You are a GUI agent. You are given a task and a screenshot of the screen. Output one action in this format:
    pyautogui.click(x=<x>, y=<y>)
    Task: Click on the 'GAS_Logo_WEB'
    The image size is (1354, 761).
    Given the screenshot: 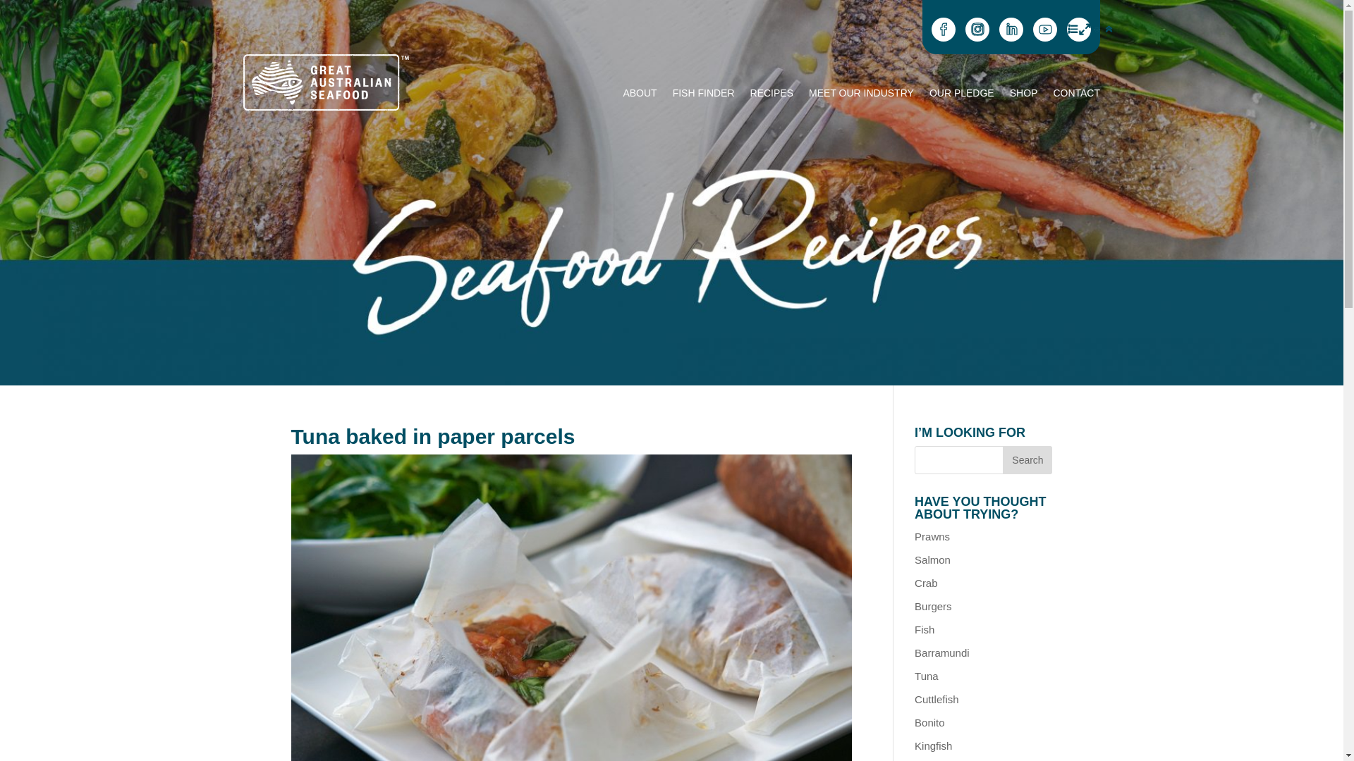 What is the action you would take?
    pyautogui.click(x=325, y=82)
    